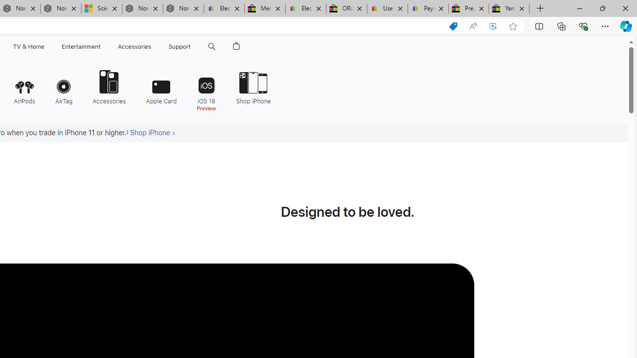  Describe the element at coordinates (127, 132) in the screenshot. I see `'Footnote 1'` at that location.